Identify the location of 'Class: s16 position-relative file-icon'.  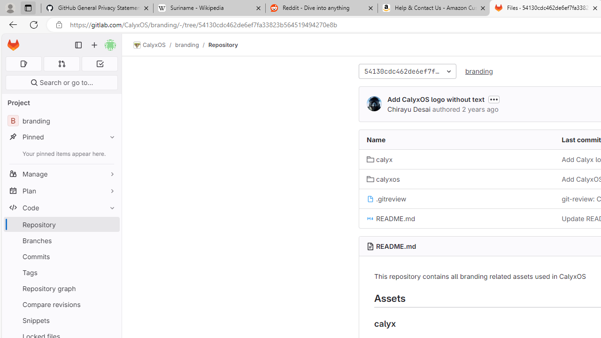
(370, 218).